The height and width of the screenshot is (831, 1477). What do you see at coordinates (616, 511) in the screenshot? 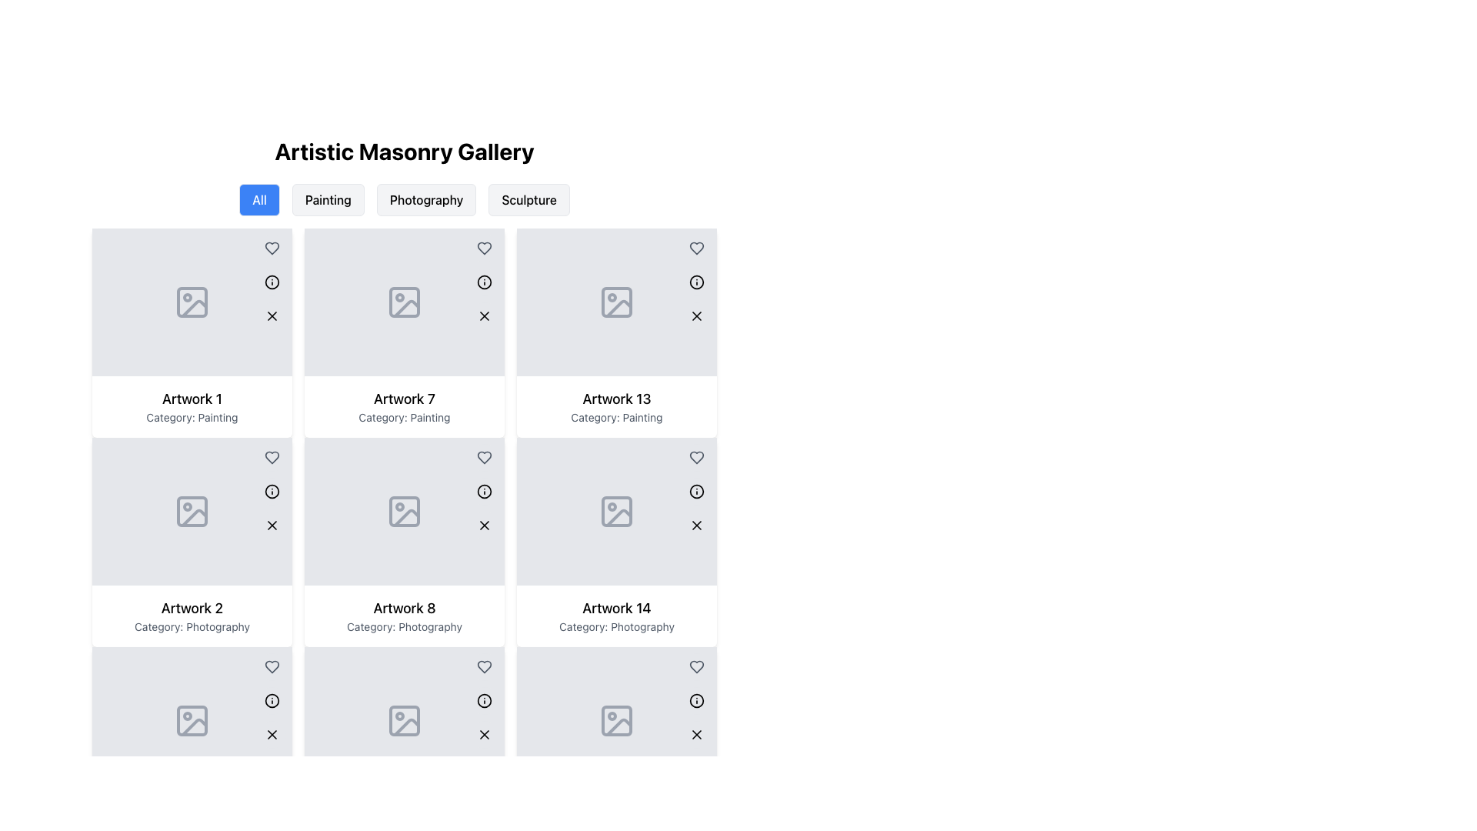
I see `the background rectangle of the icon in the fourth column and third row of the grid layout titled 'Artwork 13' with category 'Painting'` at bounding box center [616, 511].